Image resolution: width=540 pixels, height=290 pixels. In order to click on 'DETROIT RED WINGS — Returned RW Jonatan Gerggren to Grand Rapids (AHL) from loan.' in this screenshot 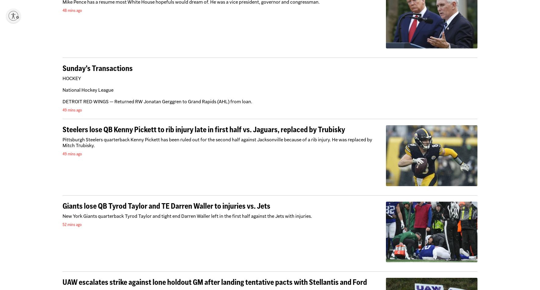, I will do `click(157, 101)`.